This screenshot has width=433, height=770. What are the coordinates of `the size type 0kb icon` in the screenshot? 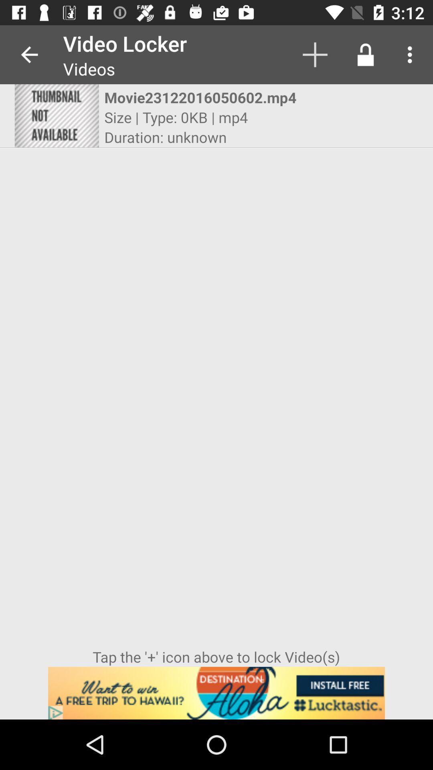 It's located at (176, 117).